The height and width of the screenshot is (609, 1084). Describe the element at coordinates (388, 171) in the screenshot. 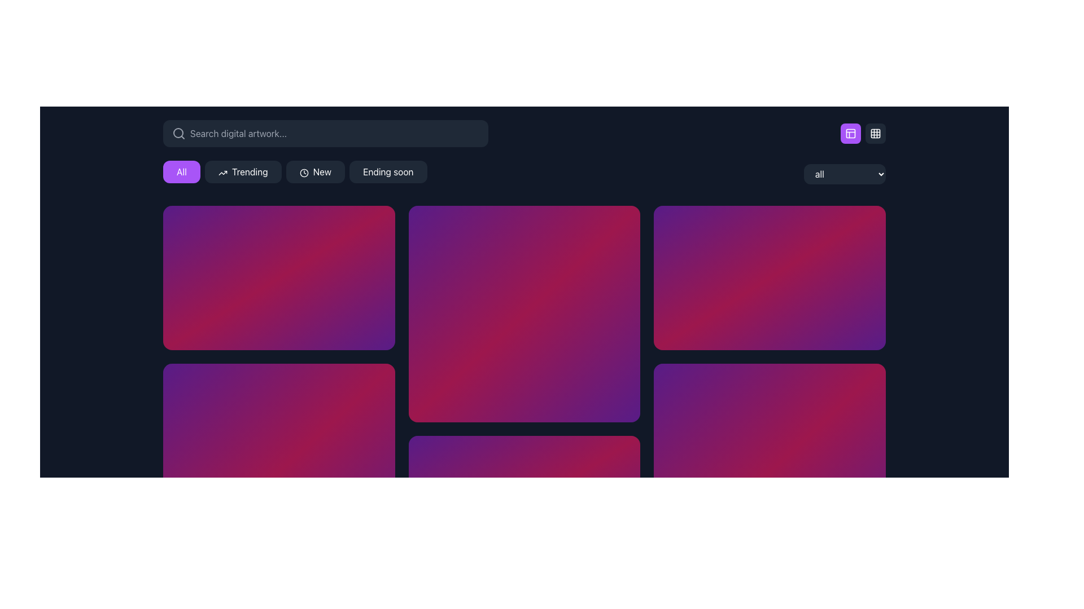

I see `the interactive button labeled 'Ending soon' located as the fourth element in a horizontal list of buttons, immediately to the right of the 'New' button, to filter or display 'Ending soon' items` at that location.